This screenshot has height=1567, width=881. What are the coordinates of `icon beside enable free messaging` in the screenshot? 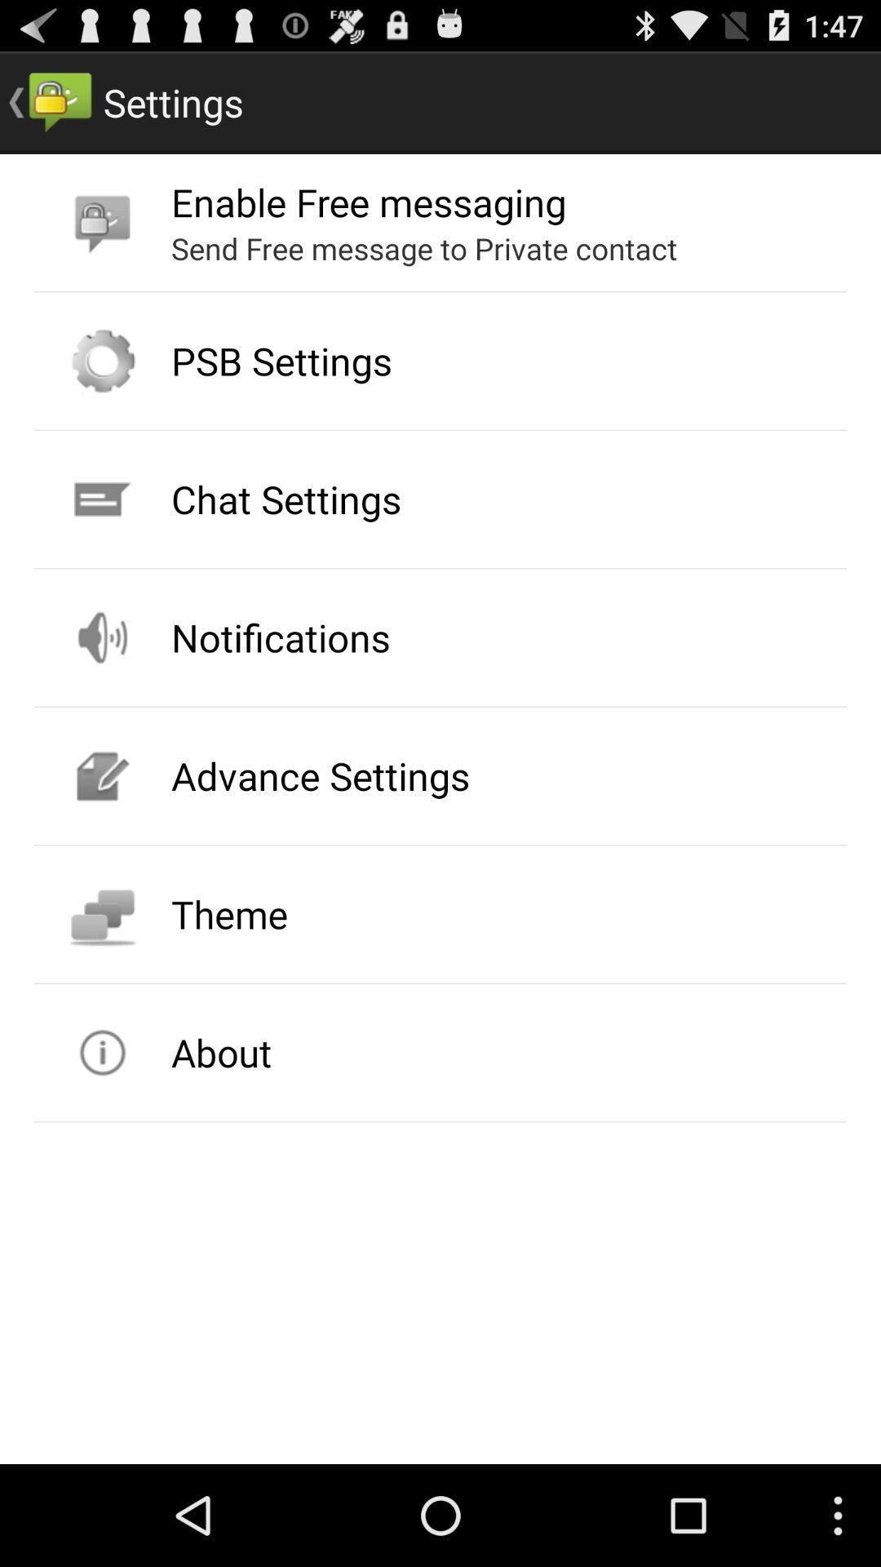 It's located at (103, 222).